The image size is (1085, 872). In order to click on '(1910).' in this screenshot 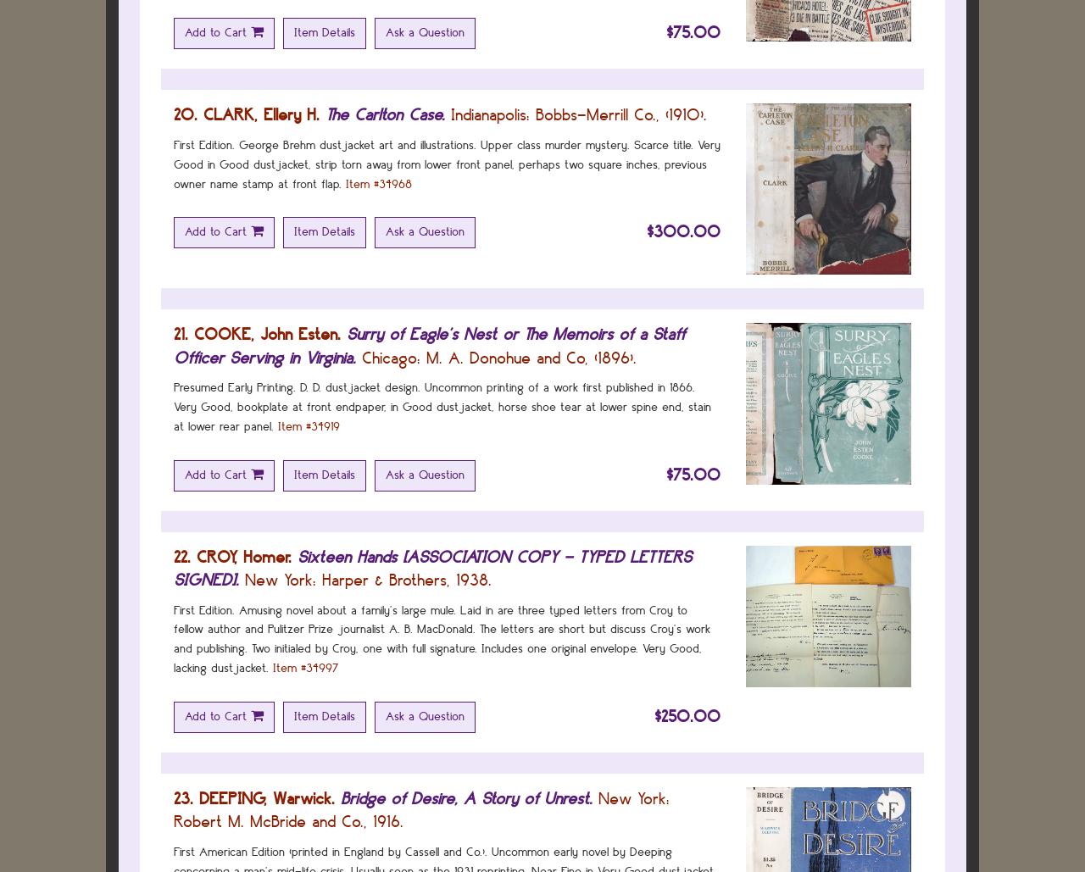, I will do `click(683, 114)`.